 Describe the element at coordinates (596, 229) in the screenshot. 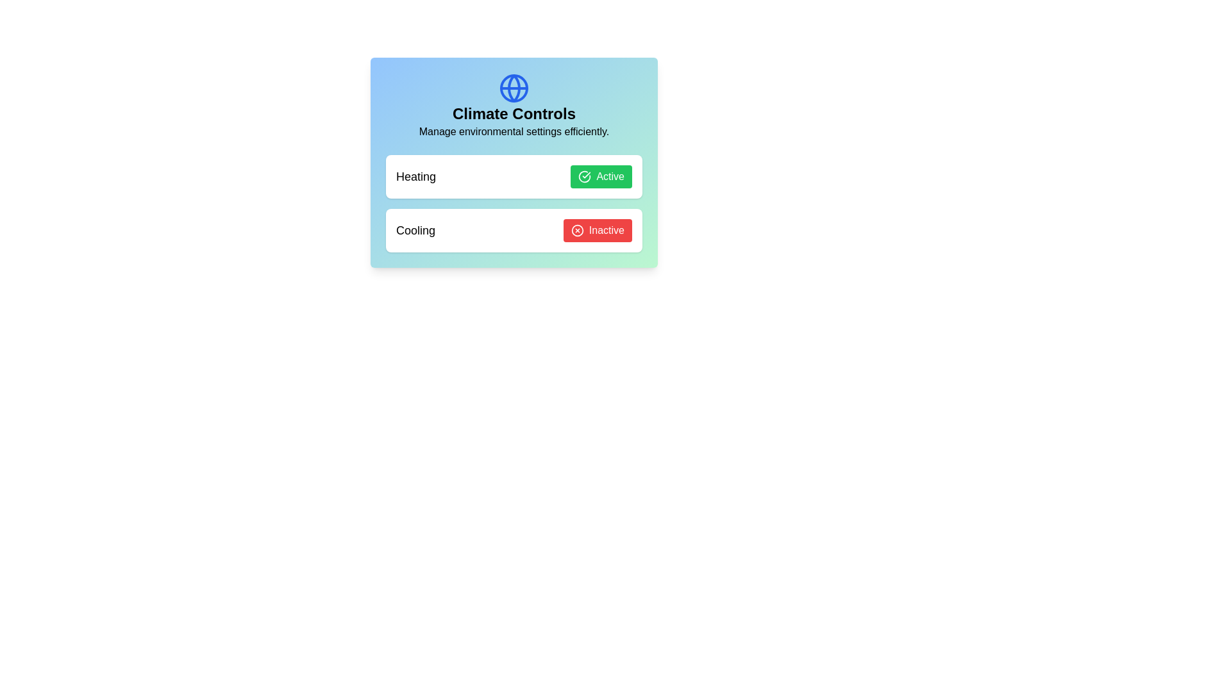

I see `the button labeled Inactive to observe its hover effect` at that location.